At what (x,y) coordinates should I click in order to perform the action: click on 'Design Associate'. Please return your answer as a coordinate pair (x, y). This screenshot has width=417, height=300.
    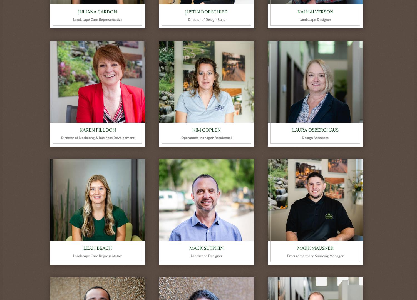
    Looking at the image, I should click on (315, 137).